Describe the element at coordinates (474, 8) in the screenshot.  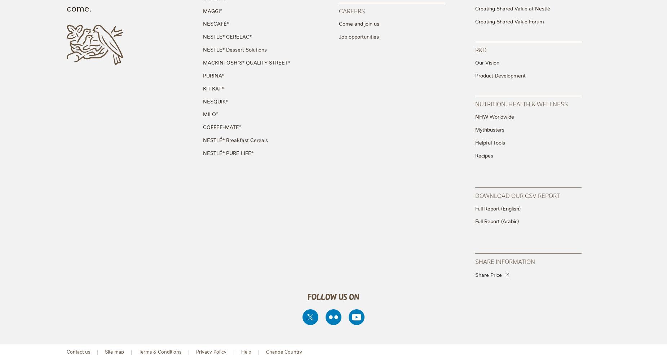
I see `'Creating Shared Value at Nestlé'` at that location.